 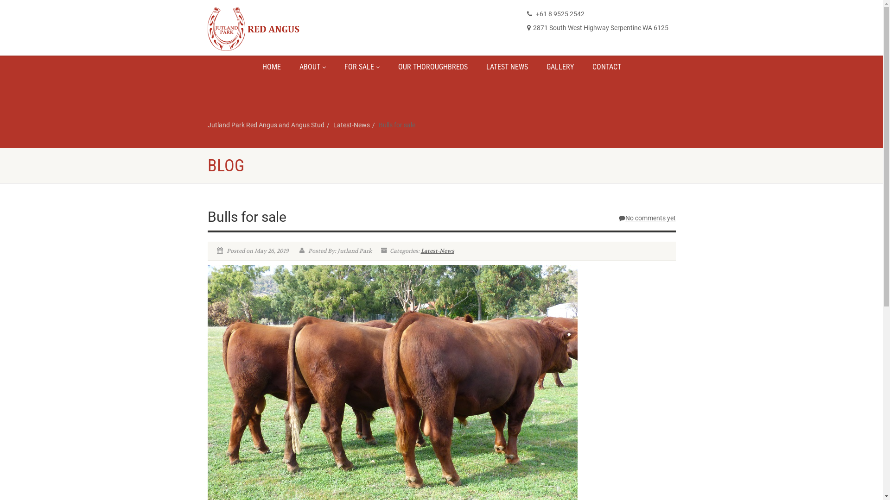 I want to click on 'ABOUT', so click(x=312, y=67).